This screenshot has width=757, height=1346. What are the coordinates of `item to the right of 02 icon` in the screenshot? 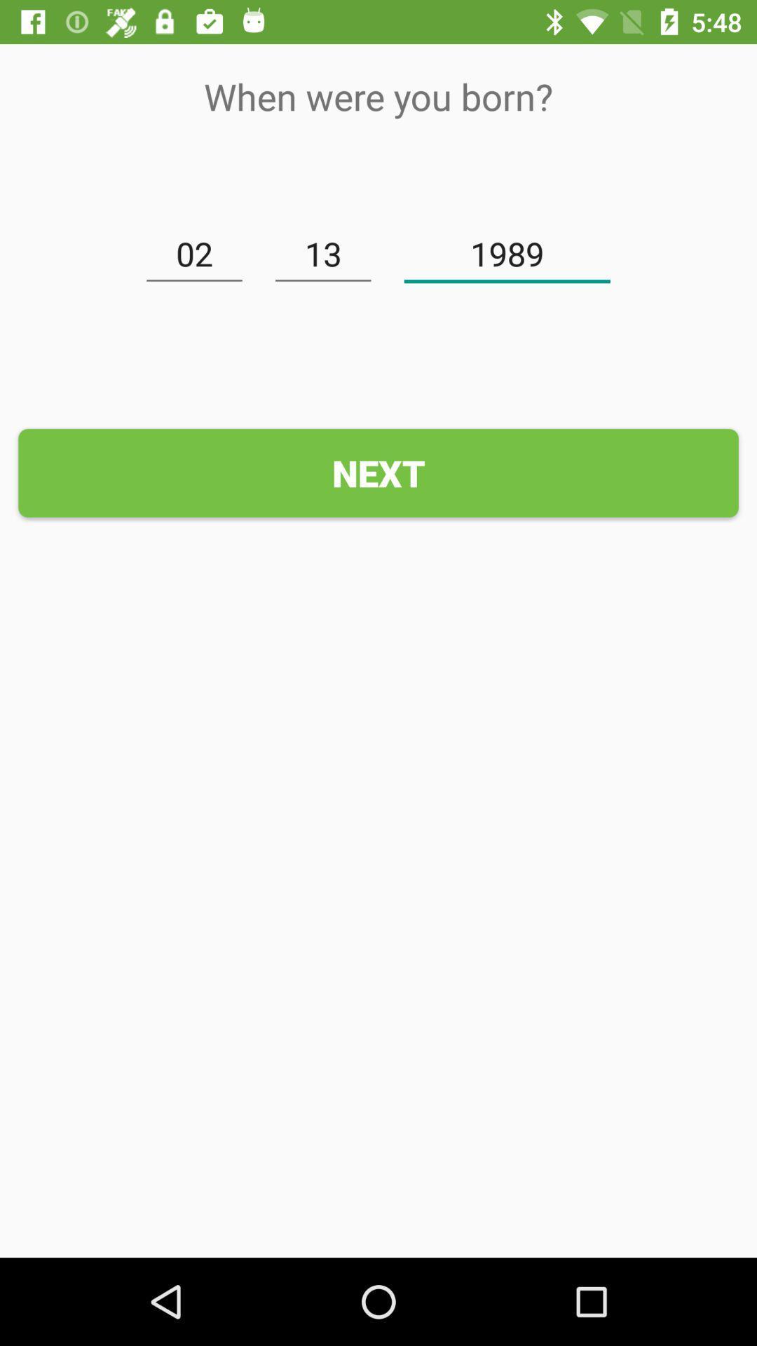 It's located at (323, 254).